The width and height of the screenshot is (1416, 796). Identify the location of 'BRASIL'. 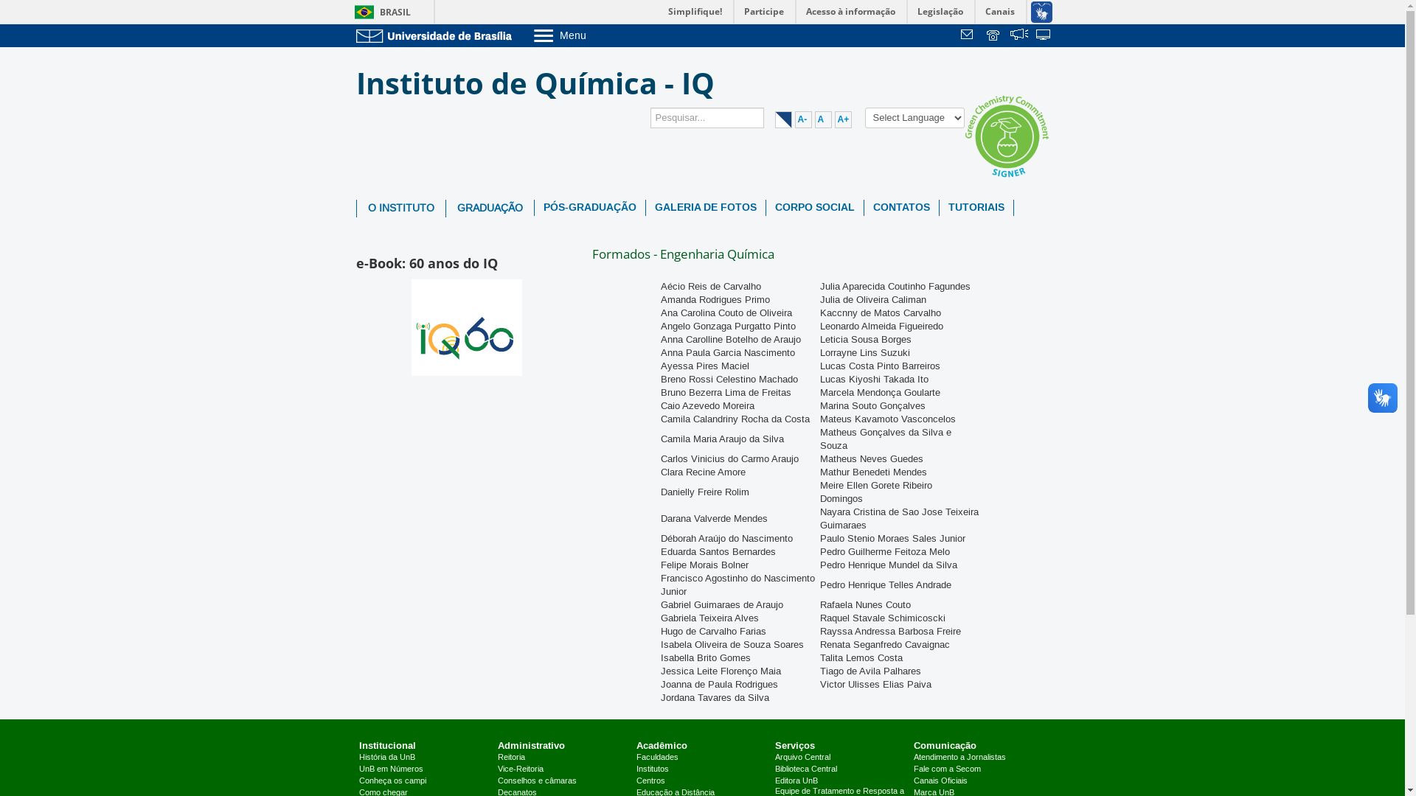
(379, 12).